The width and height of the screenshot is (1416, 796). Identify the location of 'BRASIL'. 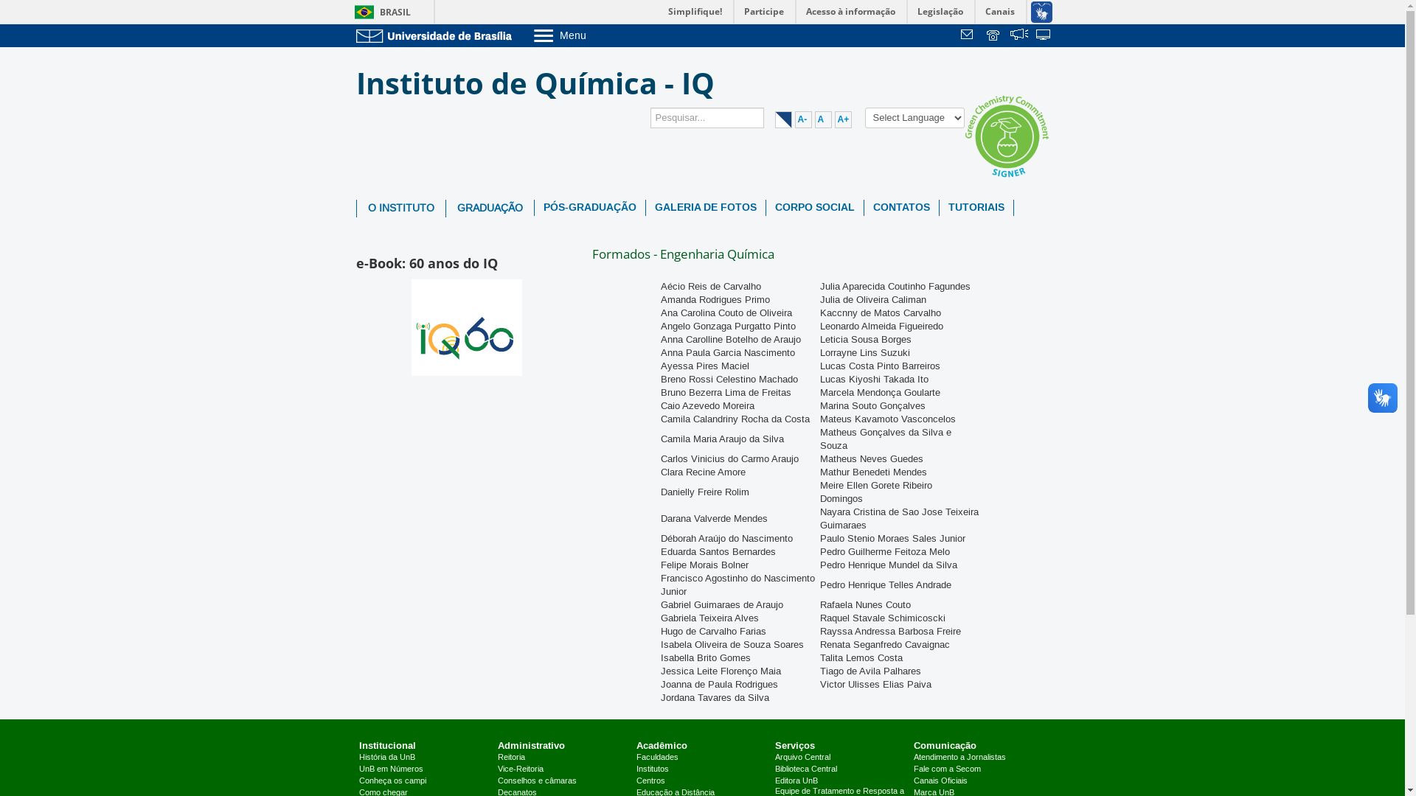
(379, 12).